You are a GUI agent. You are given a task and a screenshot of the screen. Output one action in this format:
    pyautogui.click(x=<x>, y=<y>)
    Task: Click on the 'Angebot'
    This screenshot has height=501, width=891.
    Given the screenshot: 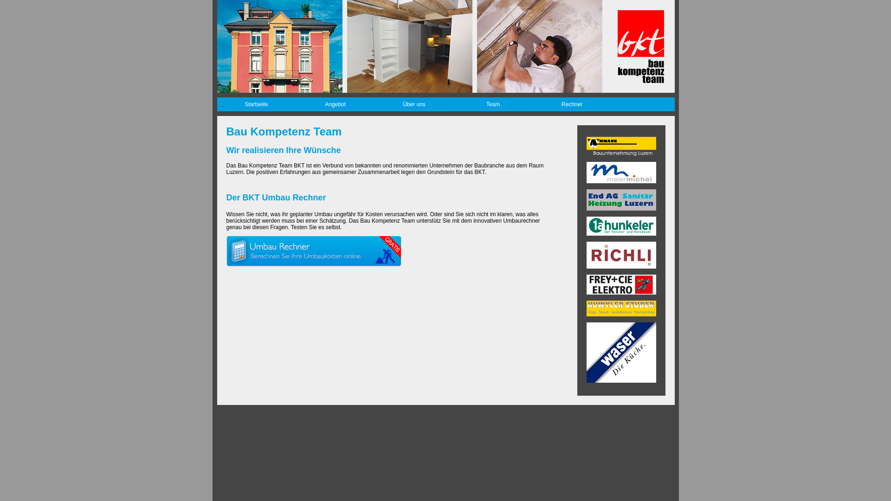 What is the action you would take?
    pyautogui.click(x=335, y=104)
    